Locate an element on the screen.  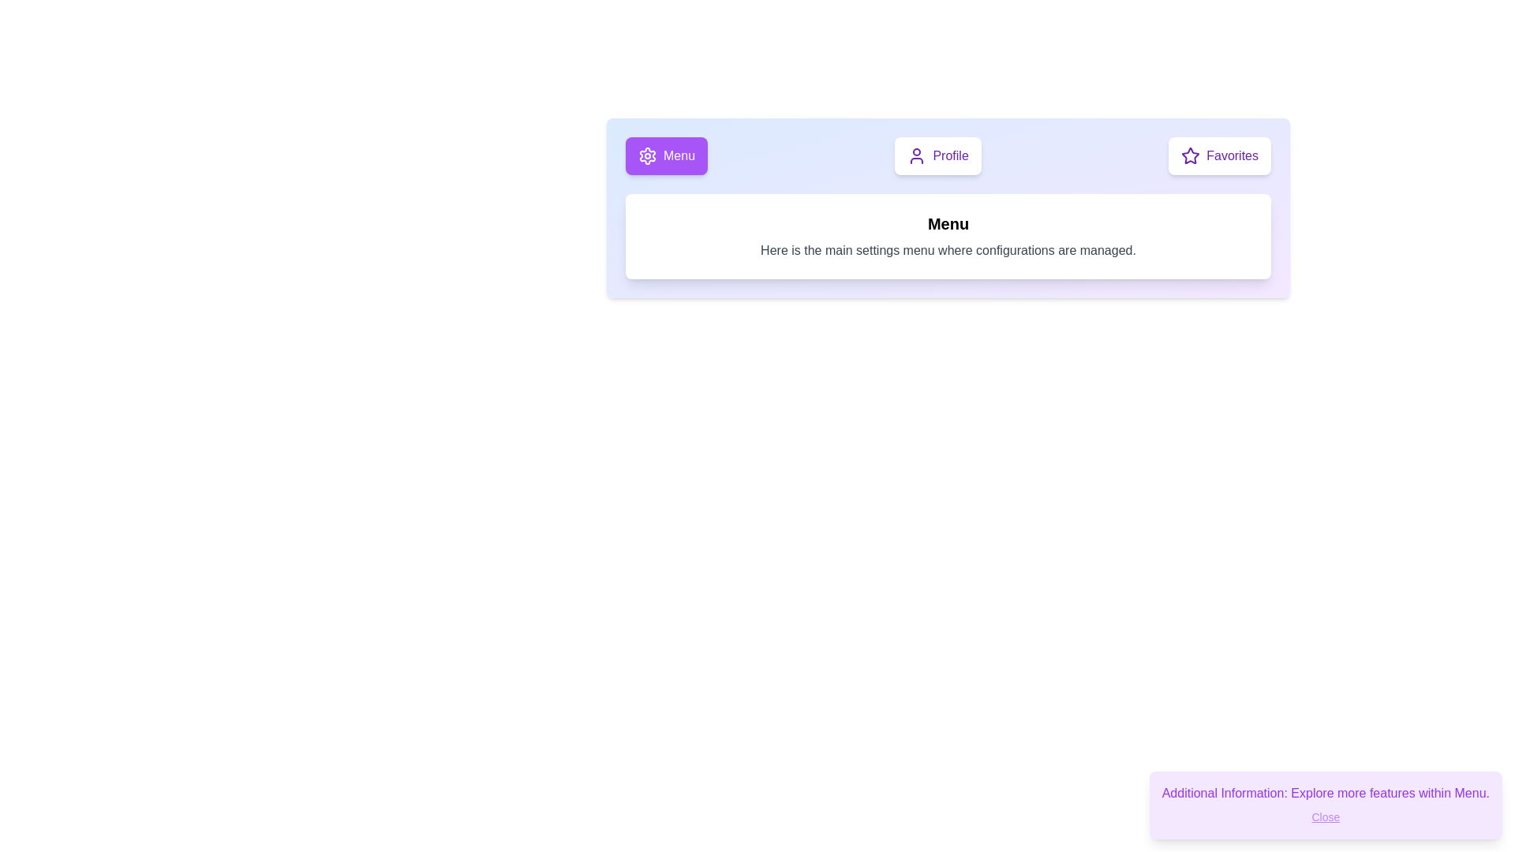
the profile button located in the middle of a horizontal row between the 'Menu' button and the 'Favorites' button is located at coordinates (938, 155).